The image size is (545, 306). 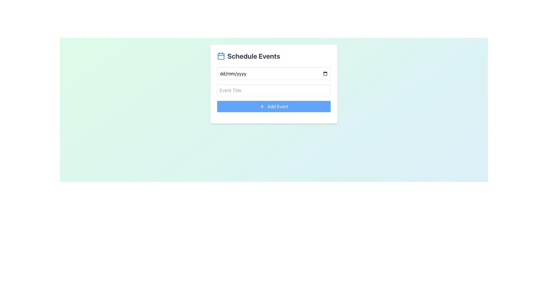 I want to click on the cross-shaped icon representing a 'plus' or add action located inside the 'Add Event' button, next to the text label, so click(x=262, y=106).